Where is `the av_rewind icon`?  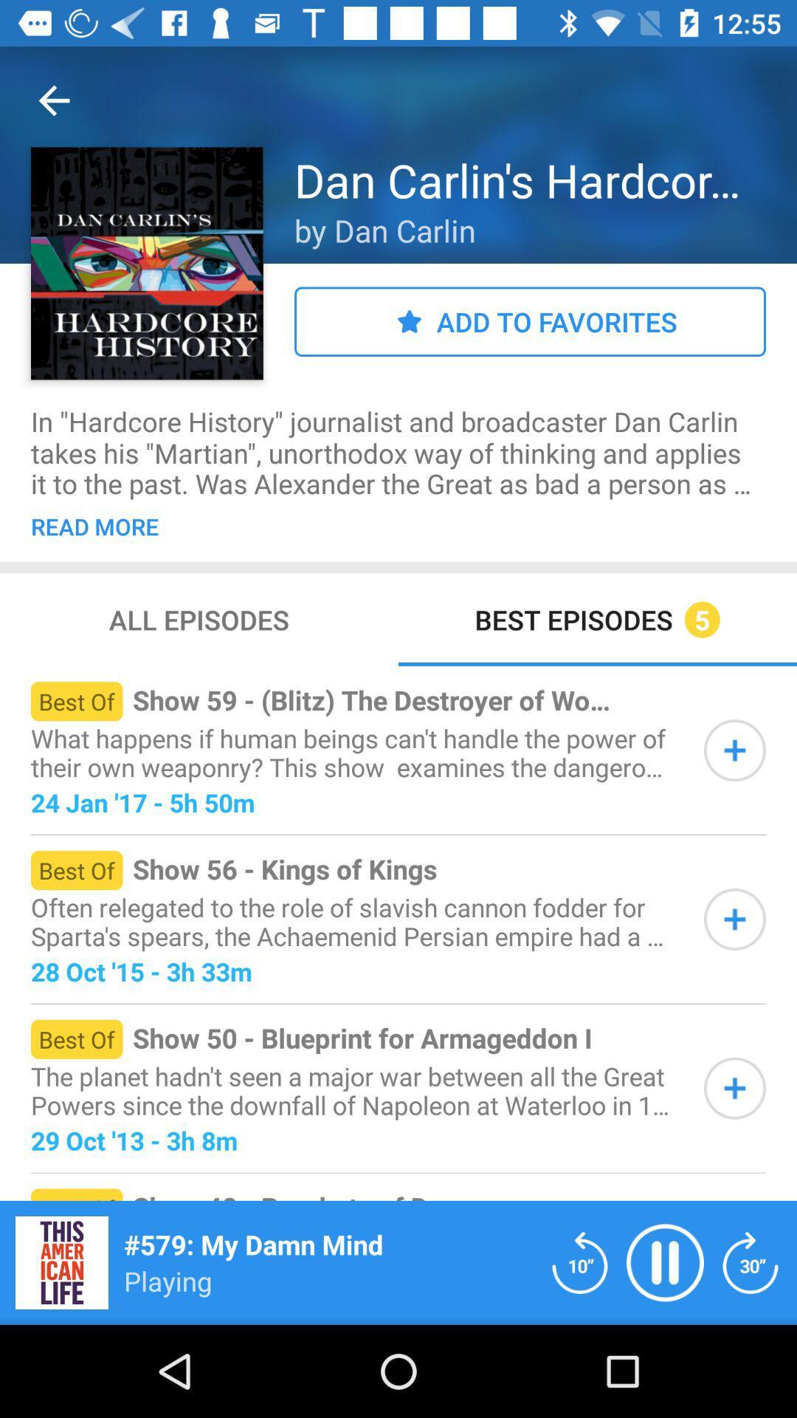
the av_rewind icon is located at coordinates (579, 1261).